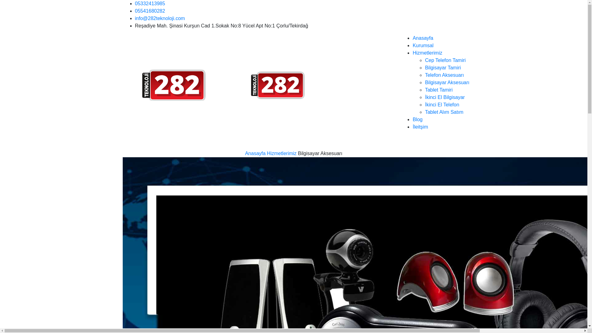  What do you see at coordinates (255, 153) in the screenshot?
I see `'Anasayfa'` at bounding box center [255, 153].